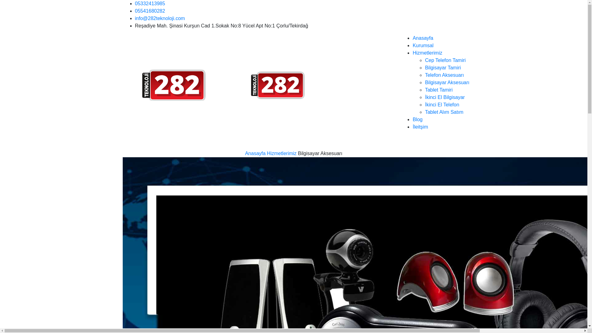  What do you see at coordinates (255, 153) in the screenshot?
I see `'Anasayfa'` at bounding box center [255, 153].